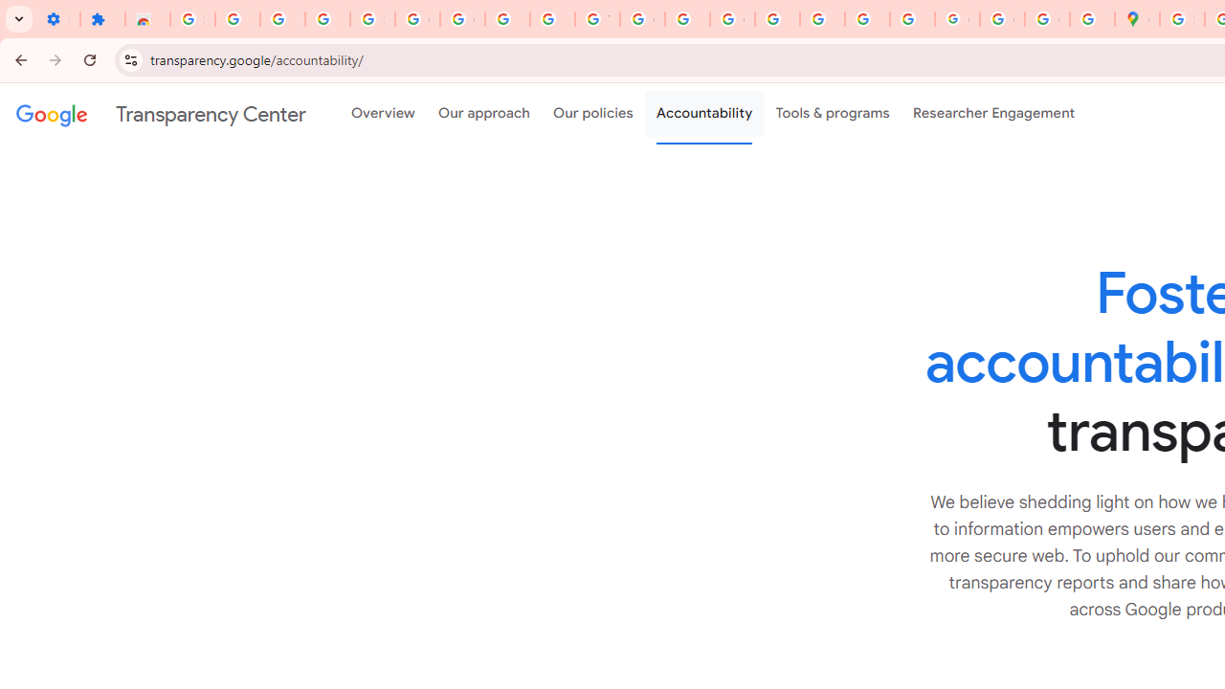 Image resolution: width=1225 pixels, height=689 pixels. What do you see at coordinates (462, 19) in the screenshot?
I see `'Google Account Help'` at bounding box center [462, 19].